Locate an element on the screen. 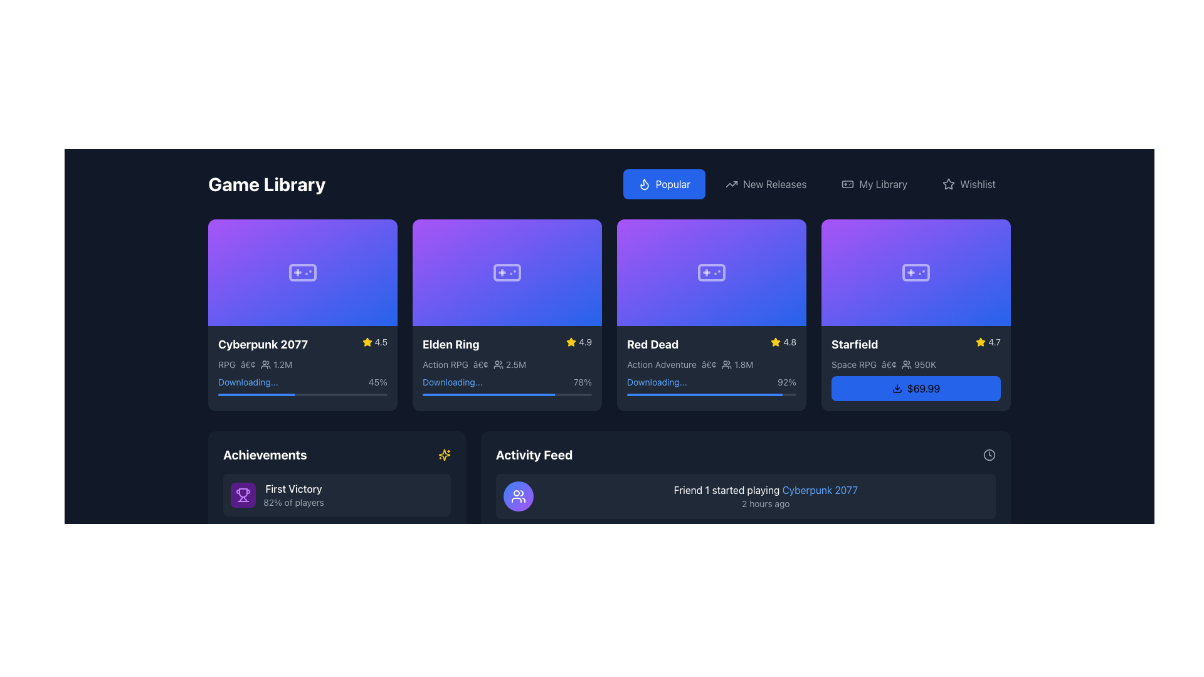  the Interactive play icon located at the top-right corner of the 'Red Dead' card is located at coordinates (789, 235).